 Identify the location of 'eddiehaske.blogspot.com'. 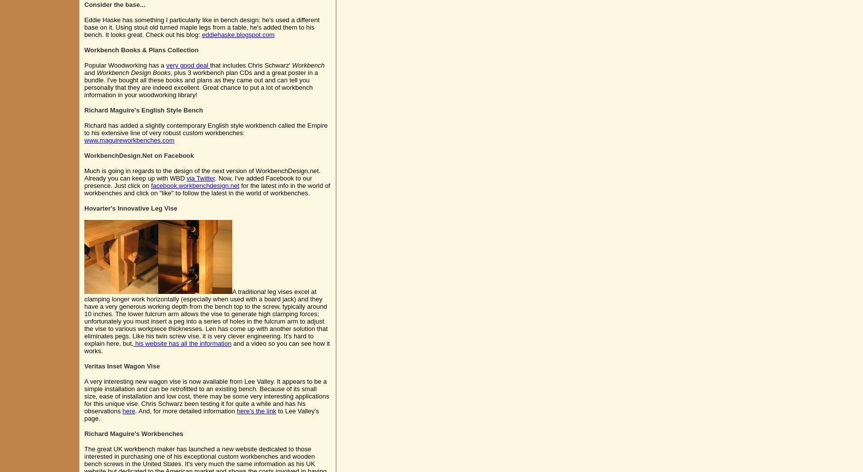
(238, 34).